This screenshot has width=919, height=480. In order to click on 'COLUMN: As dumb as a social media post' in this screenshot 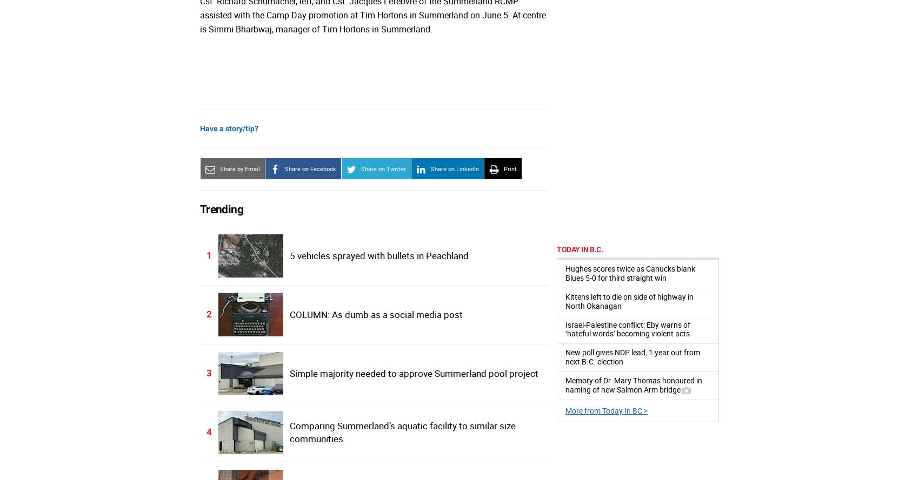, I will do `click(375, 314)`.